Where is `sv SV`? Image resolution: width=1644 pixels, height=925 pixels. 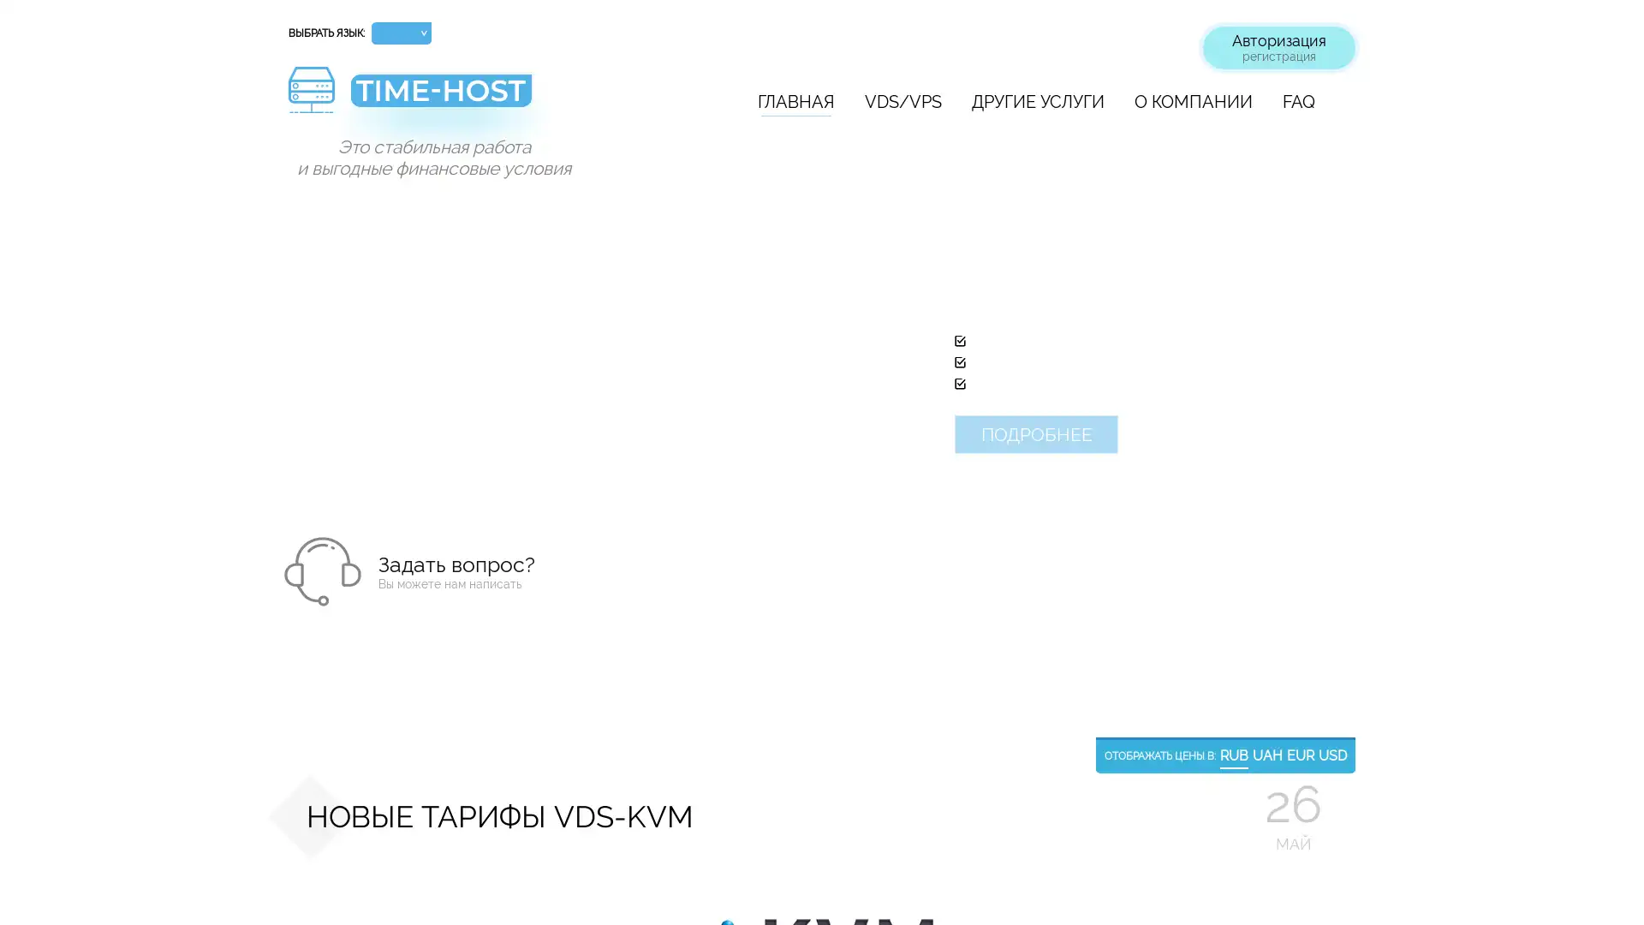
sv SV is located at coordinates (401, 277).